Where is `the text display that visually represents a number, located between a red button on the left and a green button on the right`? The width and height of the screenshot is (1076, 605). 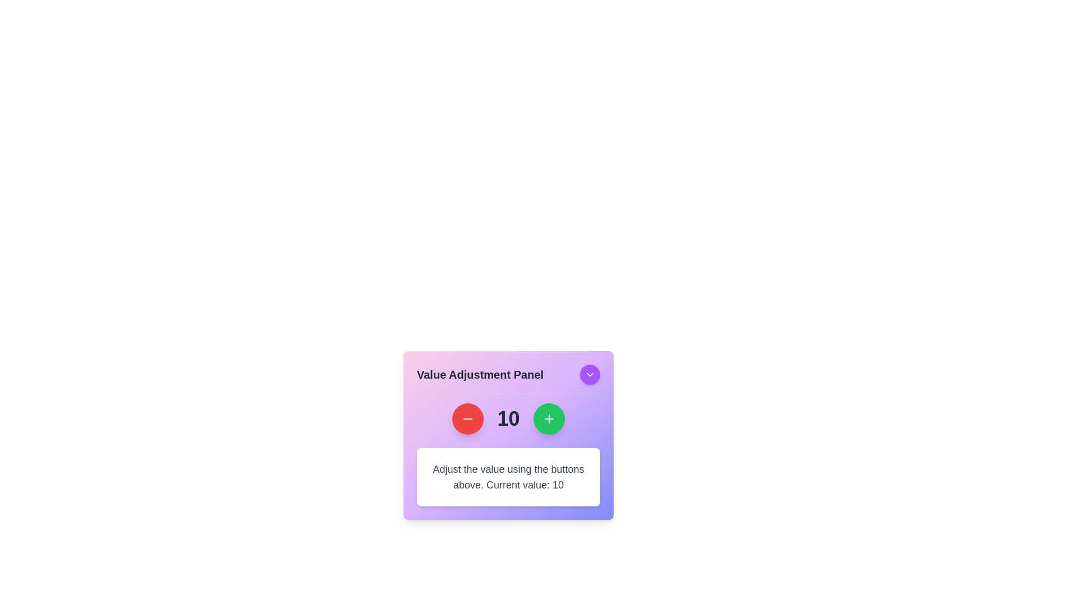
the text display that visually represents a number, located between a red button on the left and a green button on the right is located at coordinates (508, 419).